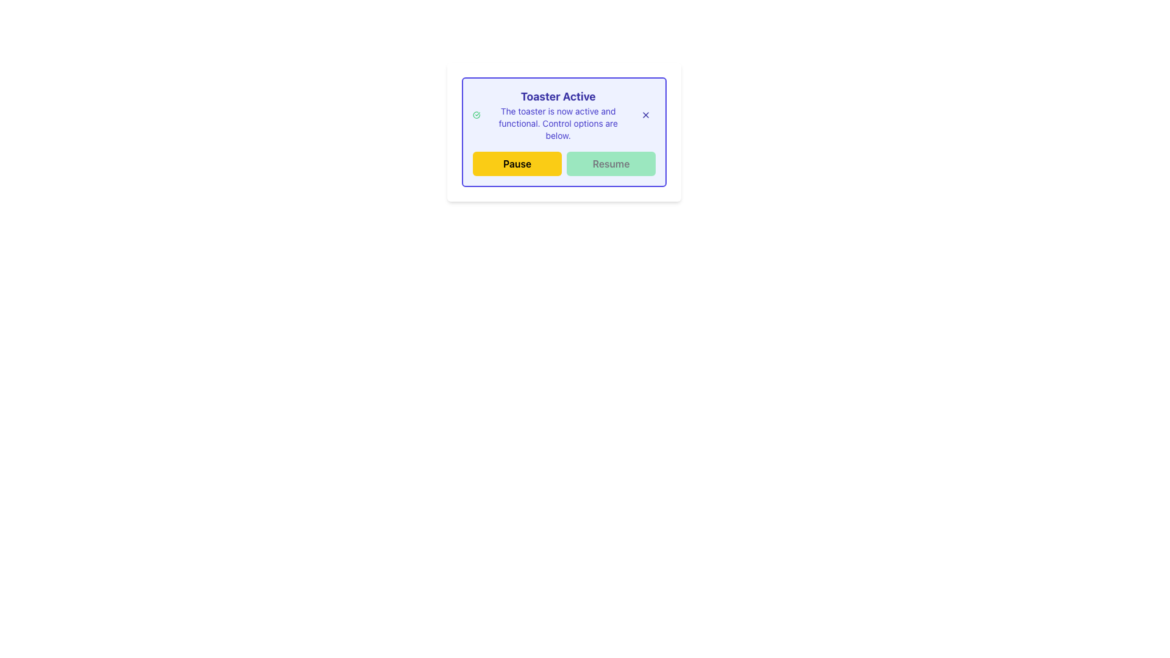  Describe the element at coordinates (645, 115) in the screenshot. I see `the 'X' icon located in the top-right corner of the 'Toaster Active' notification card` at that location.